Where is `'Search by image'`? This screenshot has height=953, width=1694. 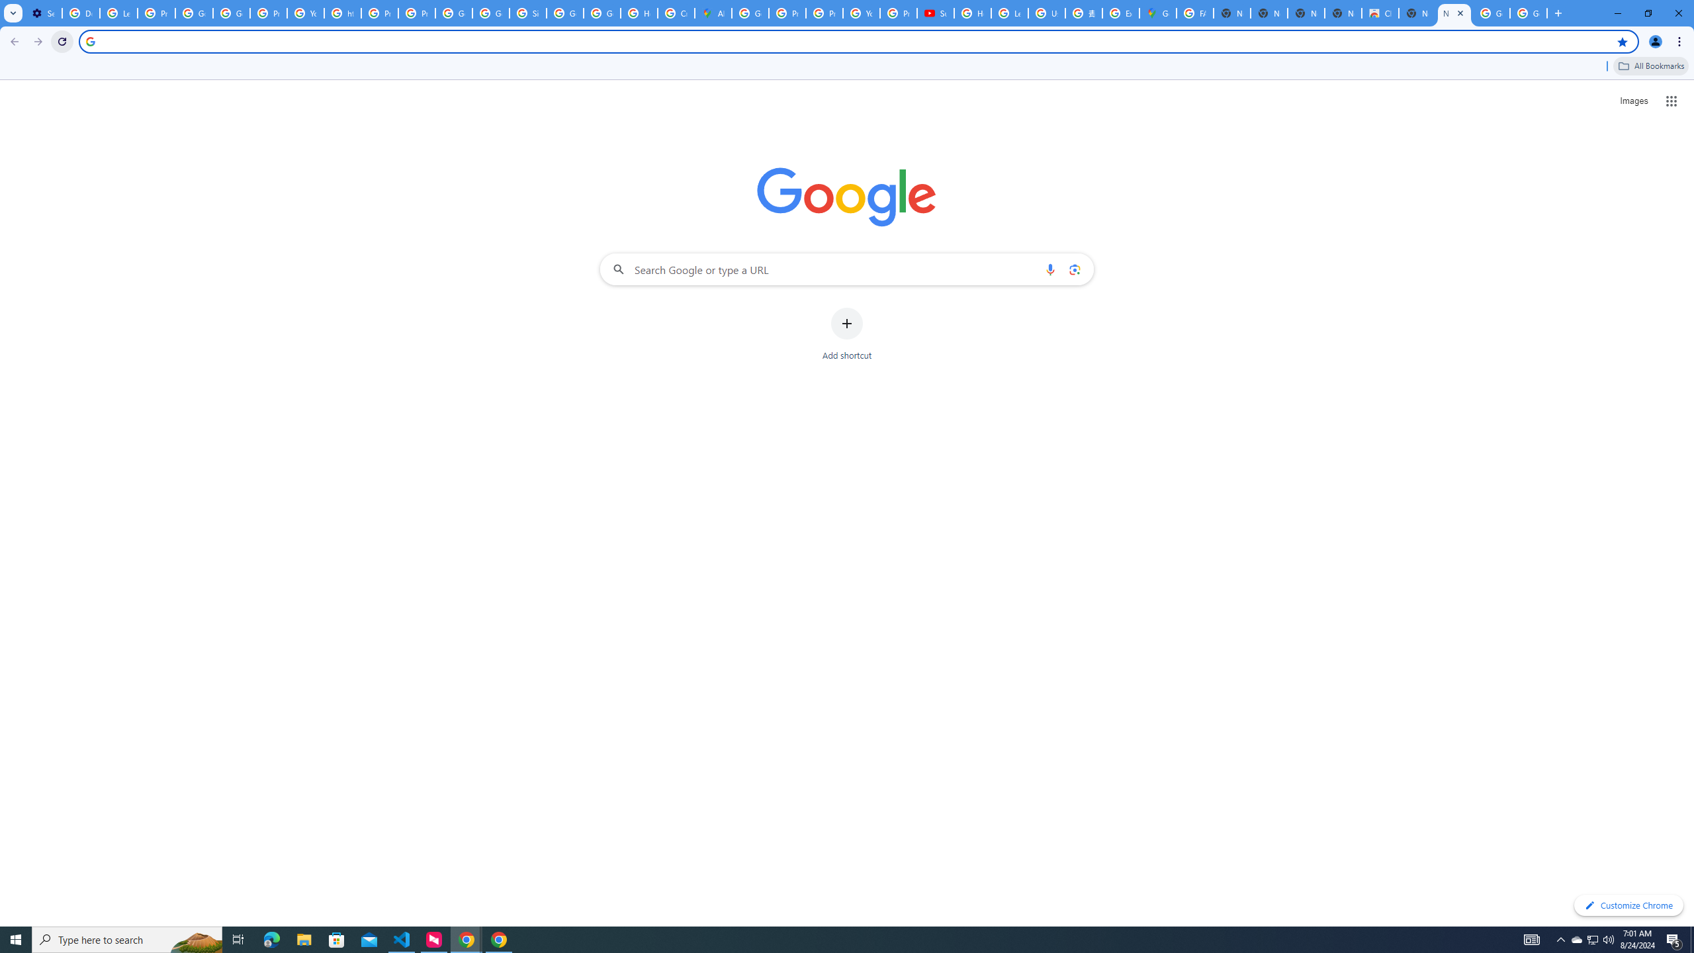 'Search by image' is located at coordinates (1073, 268).